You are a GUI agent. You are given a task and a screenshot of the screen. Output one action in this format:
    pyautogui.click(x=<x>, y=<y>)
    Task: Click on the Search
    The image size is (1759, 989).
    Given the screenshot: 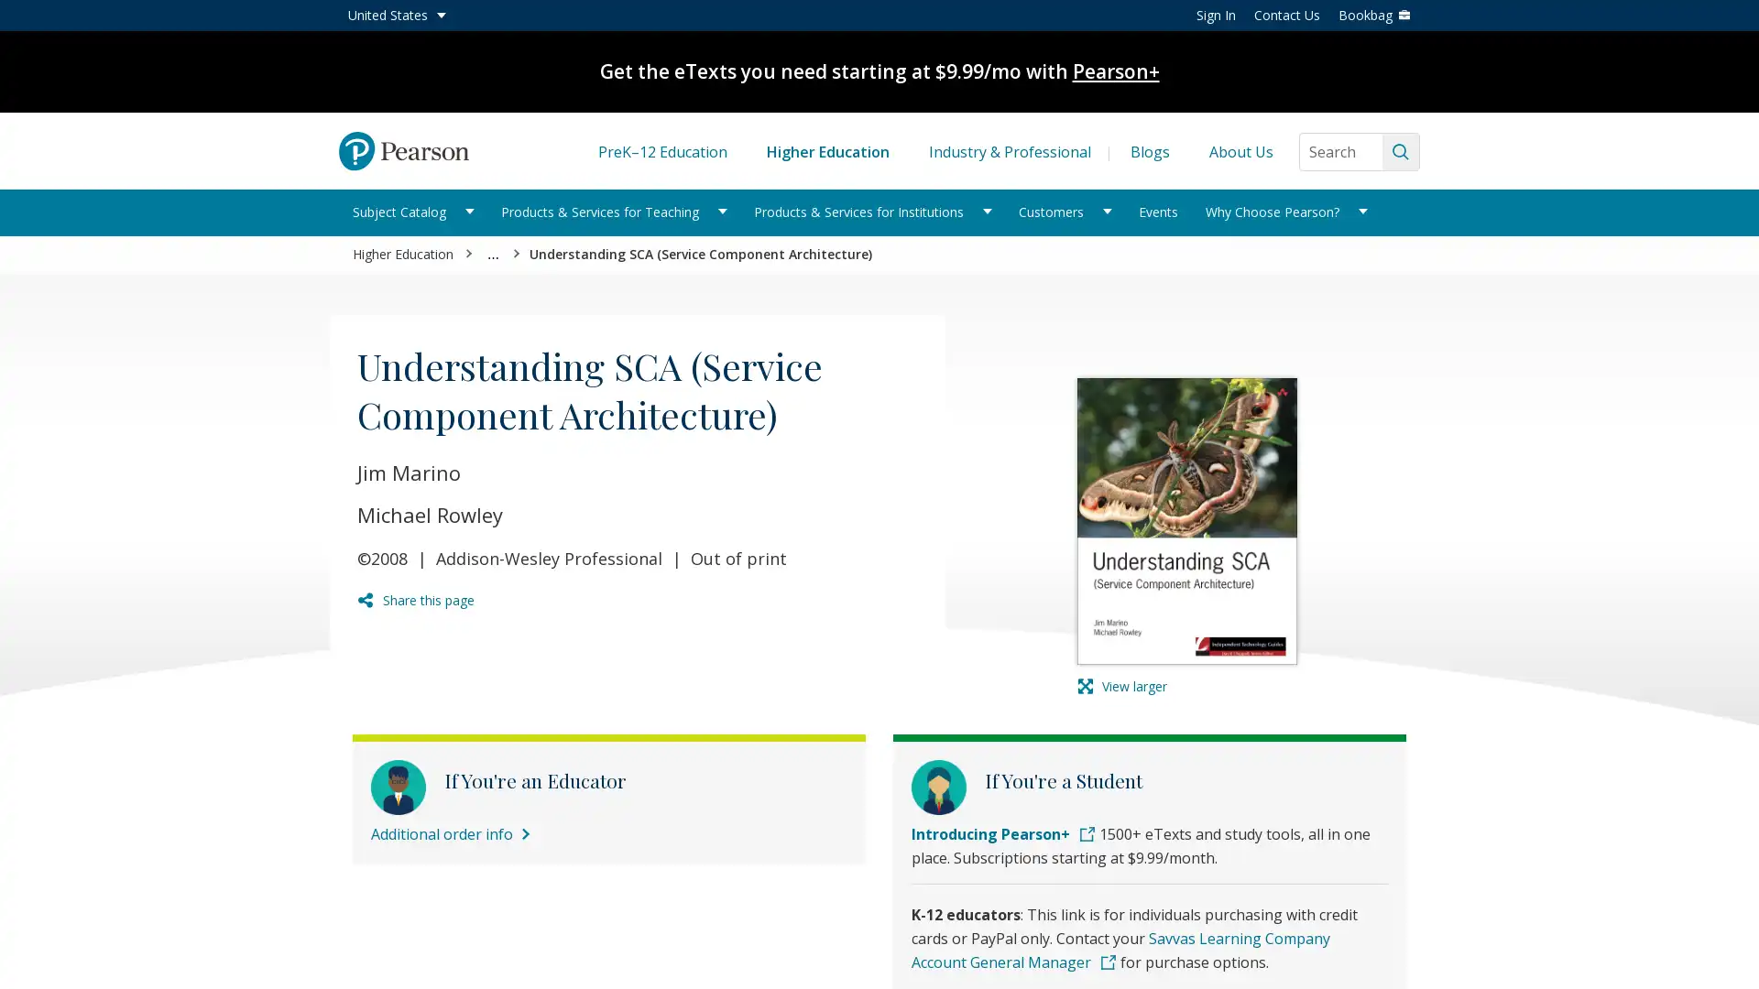 What is the action you would take?
    pyautogui.click(x=1400, y=150)
    